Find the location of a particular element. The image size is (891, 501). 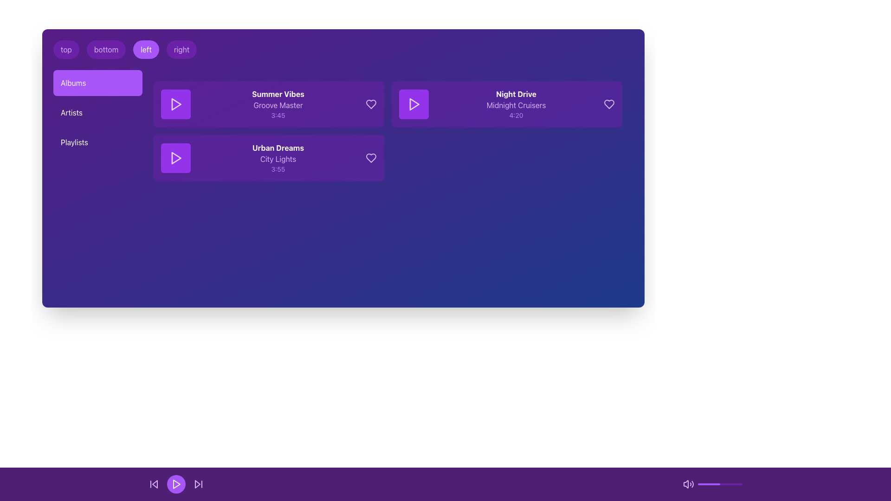

the heart-shaped button icon located to the right of the 'Urban Dreams' playlist entry, adjacent to 'City Lights', to change its color from purple to pink is located at coordinates (371, 157).